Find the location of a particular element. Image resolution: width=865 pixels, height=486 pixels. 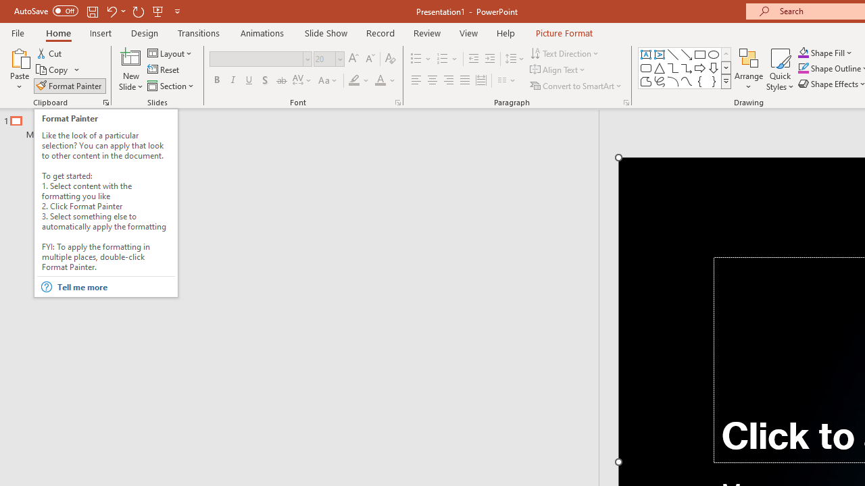

'Align Right' is located at coordinates (448, 80).